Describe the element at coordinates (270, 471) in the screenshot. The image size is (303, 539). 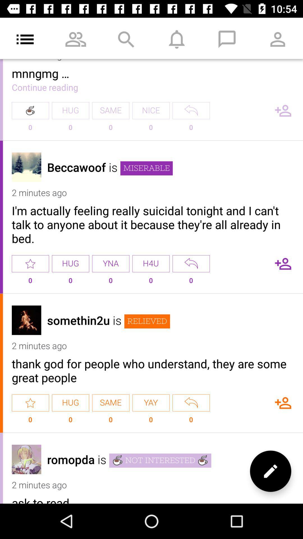
I see `edit` at that location.